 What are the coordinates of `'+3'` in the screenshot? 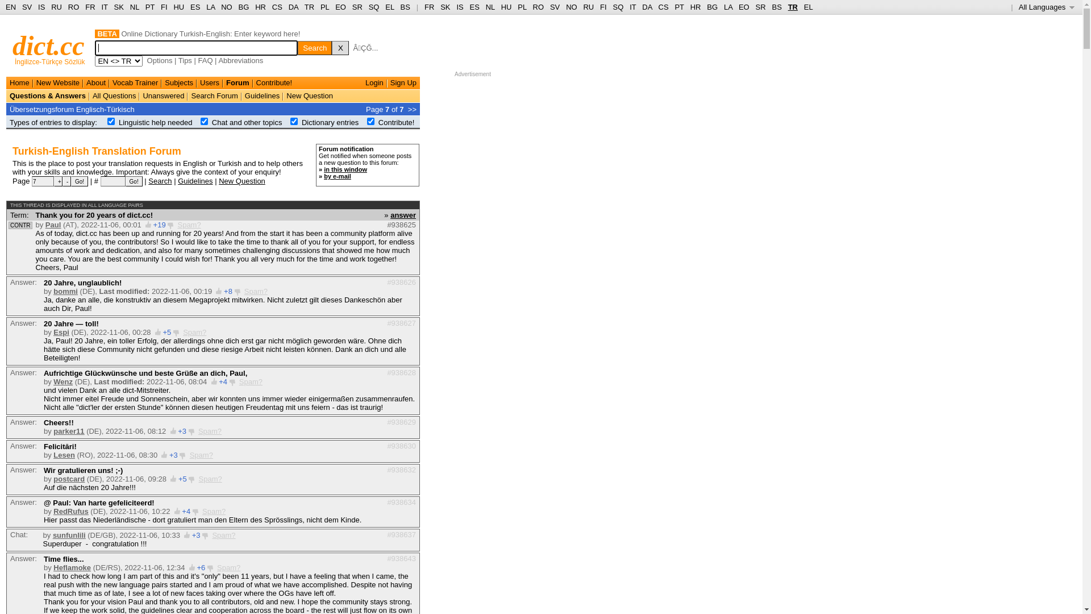 It's located at (191, 535).